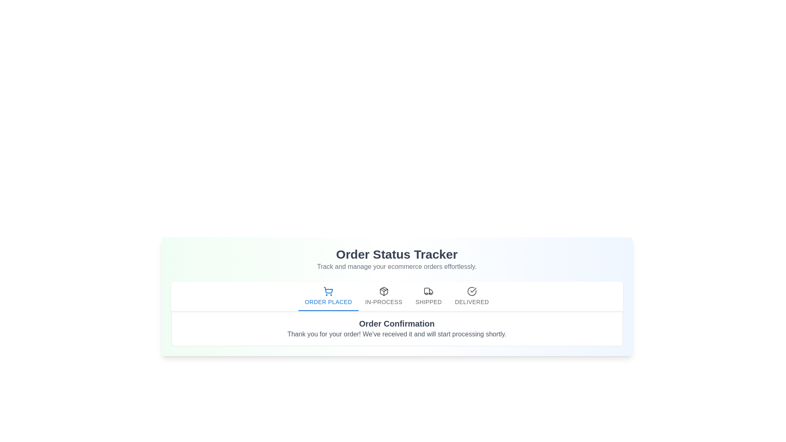 Image resolution: width=786 pixels, height=442 pixels. Describe the element at coordinates (328, 290) in the screenshot. I see `the leftmost icon in the navigation stepper that indicates the 'Order Placed' status step` at that location.